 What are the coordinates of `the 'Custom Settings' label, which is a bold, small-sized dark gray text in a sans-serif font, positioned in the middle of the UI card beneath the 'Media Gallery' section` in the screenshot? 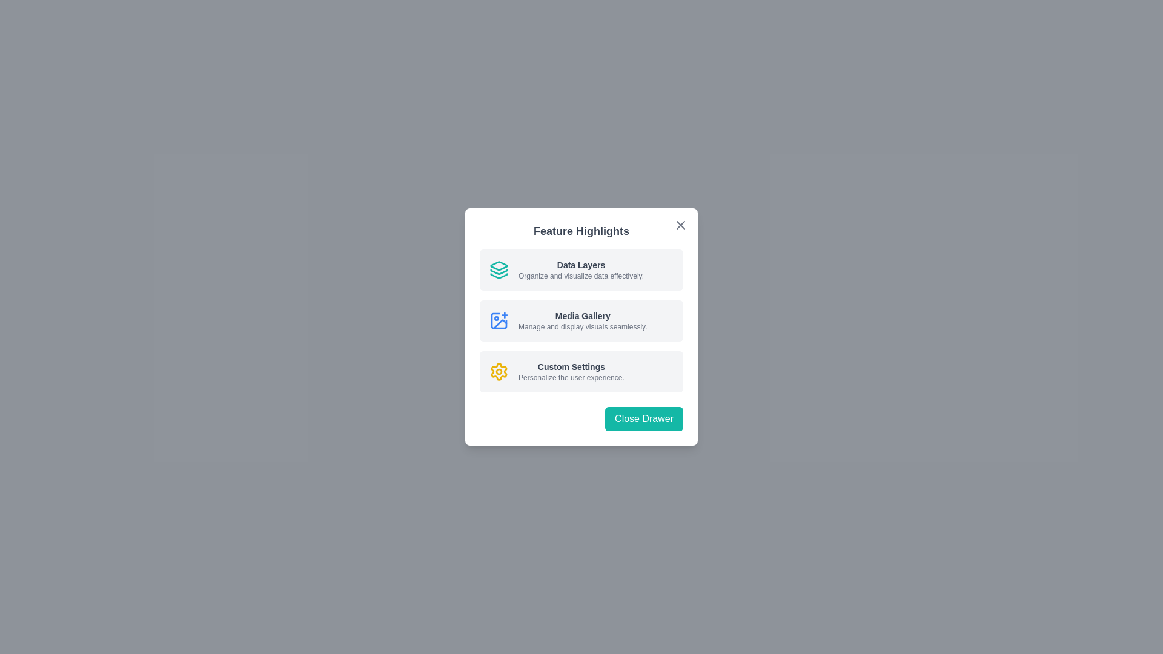 It's located at (571, 366).